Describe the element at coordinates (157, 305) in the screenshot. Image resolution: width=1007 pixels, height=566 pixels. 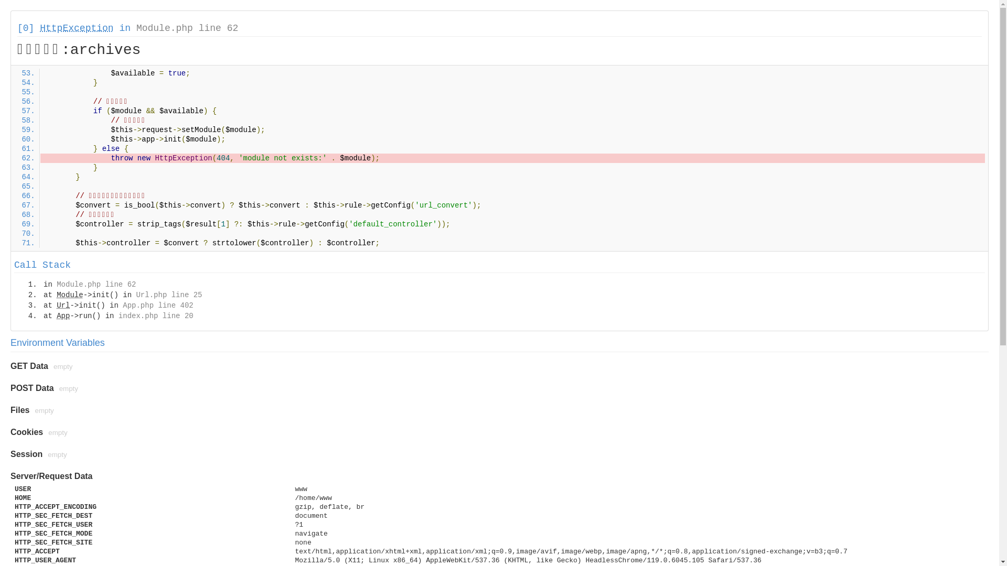
I see `'App.php line 402'` at that location.